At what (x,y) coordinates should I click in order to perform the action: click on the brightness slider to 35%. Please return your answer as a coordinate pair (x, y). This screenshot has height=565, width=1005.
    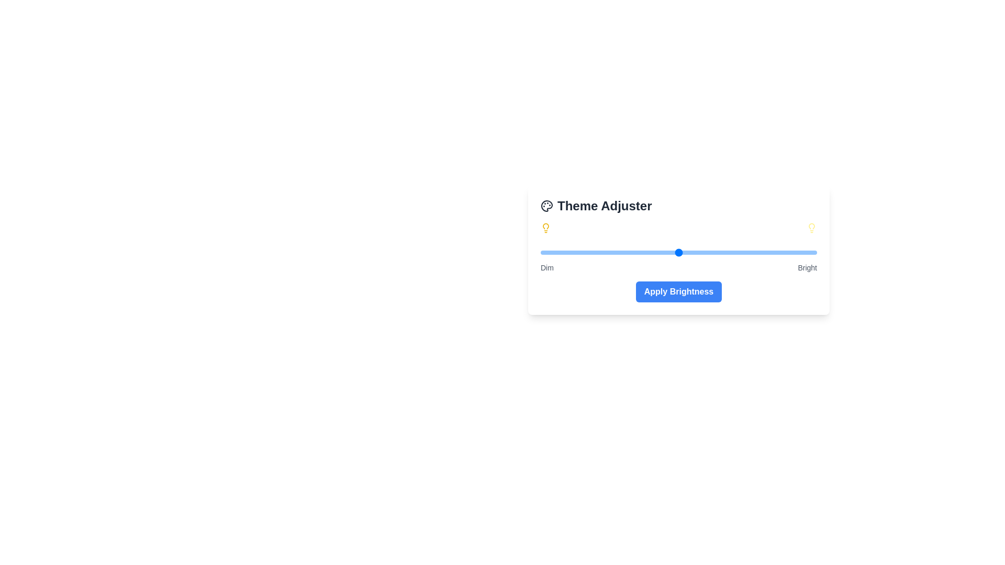
    Looking at the image, I should click on (636, 252).